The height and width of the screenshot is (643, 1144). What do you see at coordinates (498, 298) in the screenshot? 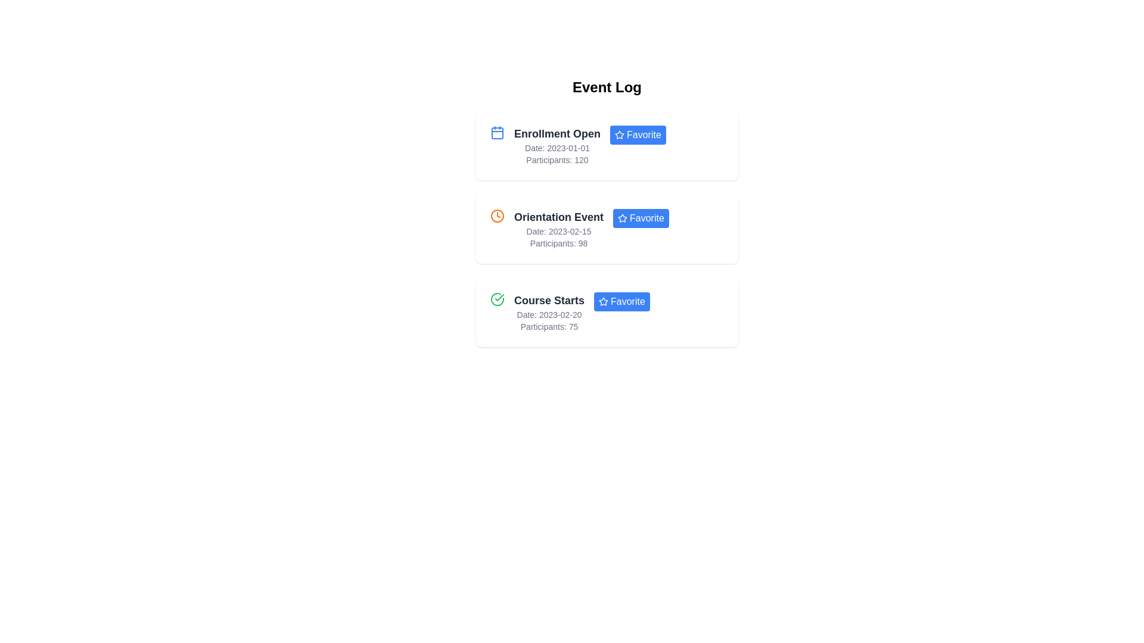
I see `the circular green checkmark icon representing completed status, located to the left of the 'Course Starts' header in the third list item of the event log` at bounding box center [498, 298].